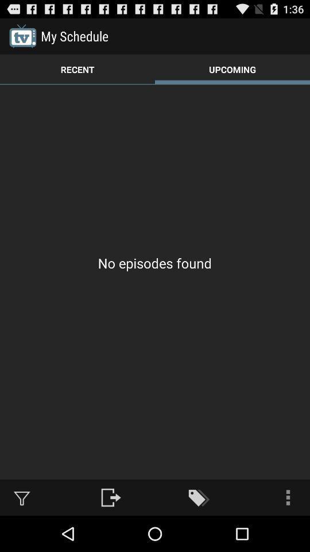  I want to click on upcoming at the top right corner, so click(232, 69).